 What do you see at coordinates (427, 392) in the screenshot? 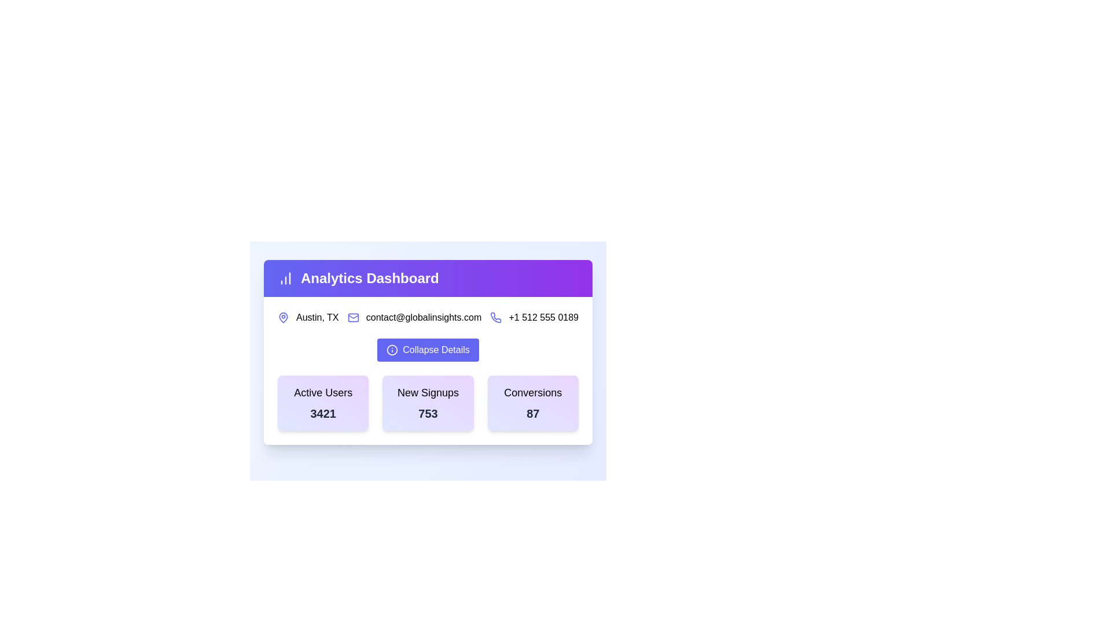
I see `text label 'New Signups' located at the top of the middle box with a gradient background, which provides context for the metric value displayed beneath it` at bounding box center [427, 392].